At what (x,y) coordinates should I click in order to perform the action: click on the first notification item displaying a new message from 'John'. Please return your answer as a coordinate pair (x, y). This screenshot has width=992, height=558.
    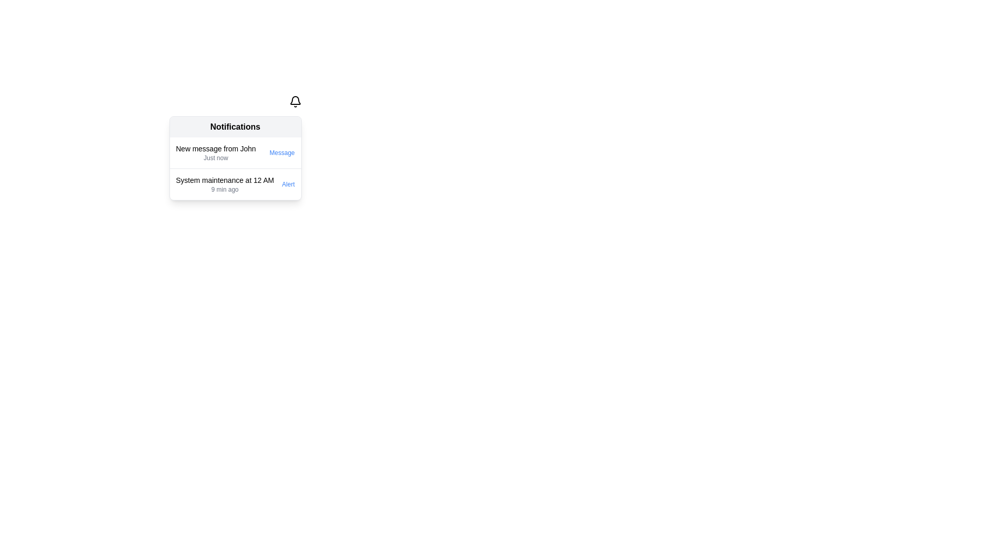
    Looking at the image, I should click on (215, 153).